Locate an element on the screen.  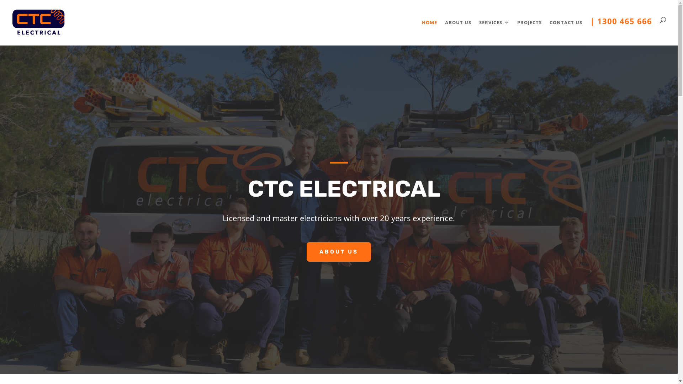
'SERVICES' is located at coordinates (479, 31).